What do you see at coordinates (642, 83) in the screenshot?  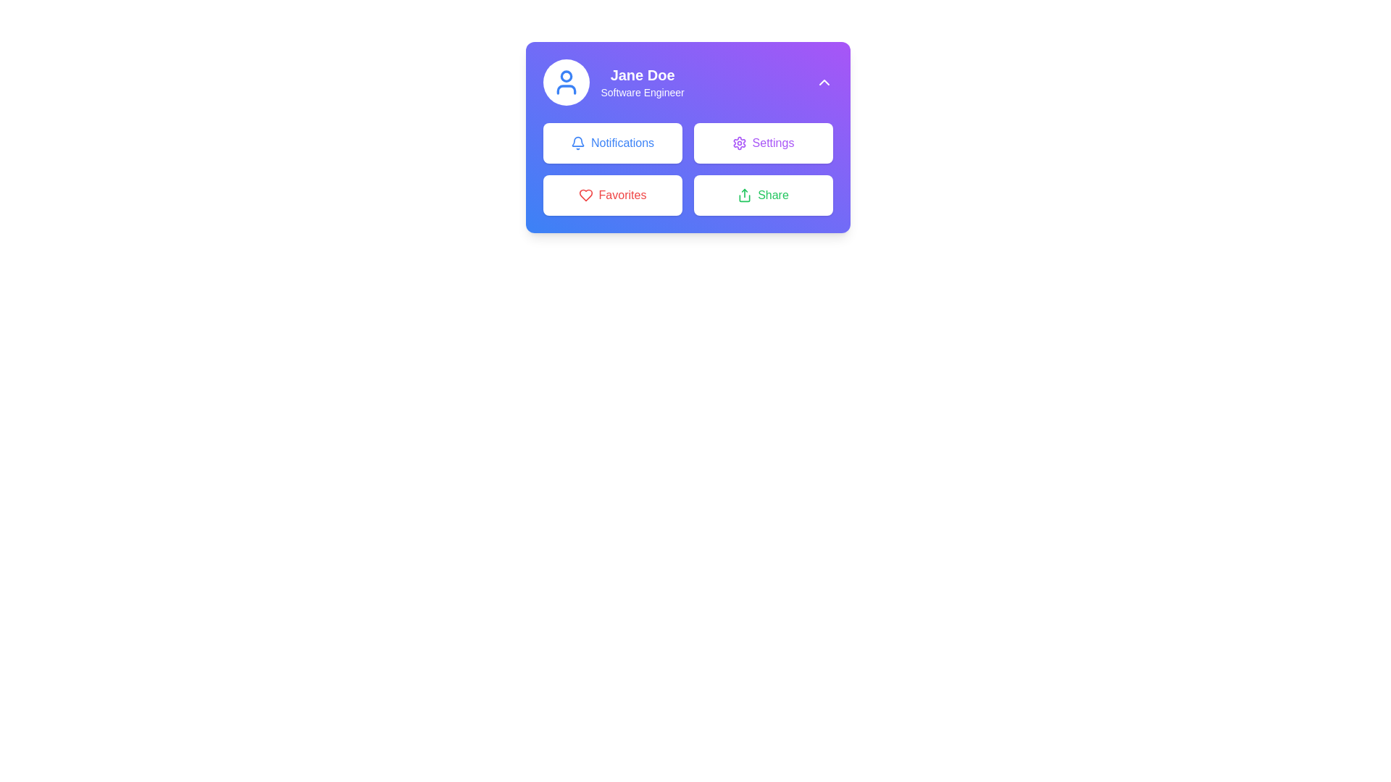 I see `the Text label displaying 'Jane Doe' and 'Software Engineer', which is positioned at the top section of a card interface, right of an avatar icon and above a set of buttons` at bounding box center [642, 83].